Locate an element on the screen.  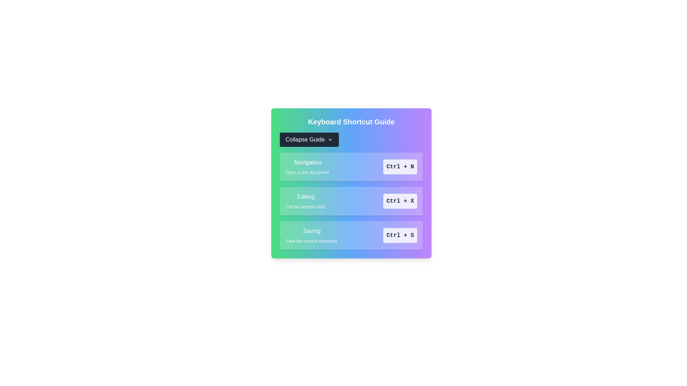
the Text Label displaying 'Editing' in bold white font and 'Cut the selected text.' in smaller gray font, which is centrally positioned in a vertical list is located at coordinates (306, 201).